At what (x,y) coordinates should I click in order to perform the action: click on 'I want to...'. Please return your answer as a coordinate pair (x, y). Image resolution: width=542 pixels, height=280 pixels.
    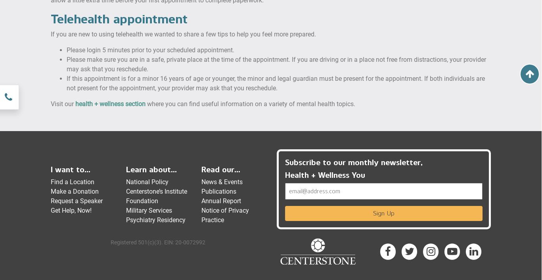
    Looking at the image, I should click on (70, 169).